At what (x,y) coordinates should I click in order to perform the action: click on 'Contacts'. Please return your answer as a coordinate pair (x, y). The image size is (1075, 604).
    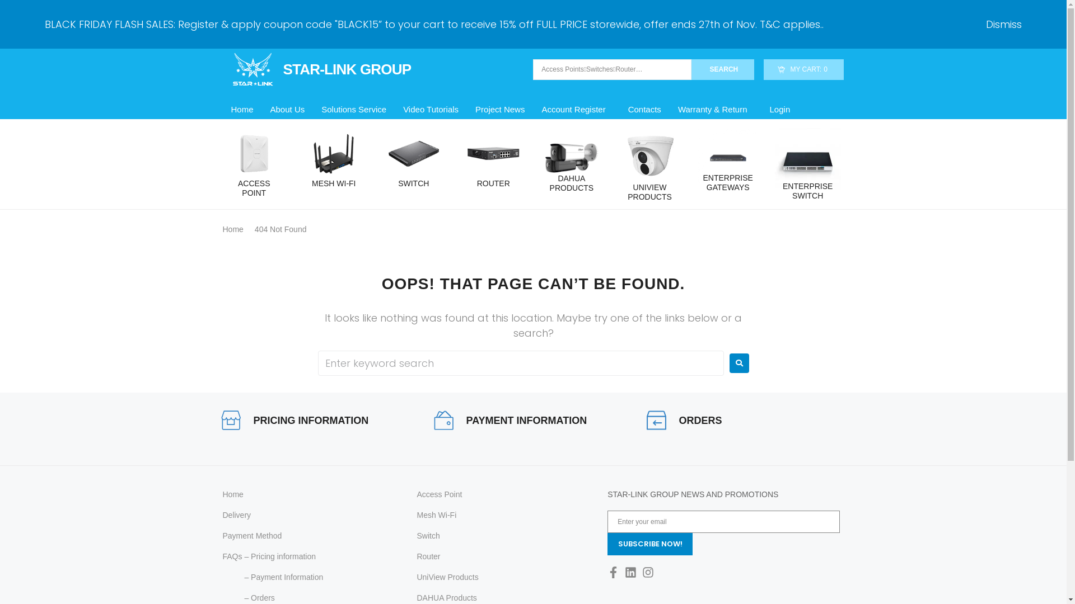
    Looking at the image, I should click on (644, 110).